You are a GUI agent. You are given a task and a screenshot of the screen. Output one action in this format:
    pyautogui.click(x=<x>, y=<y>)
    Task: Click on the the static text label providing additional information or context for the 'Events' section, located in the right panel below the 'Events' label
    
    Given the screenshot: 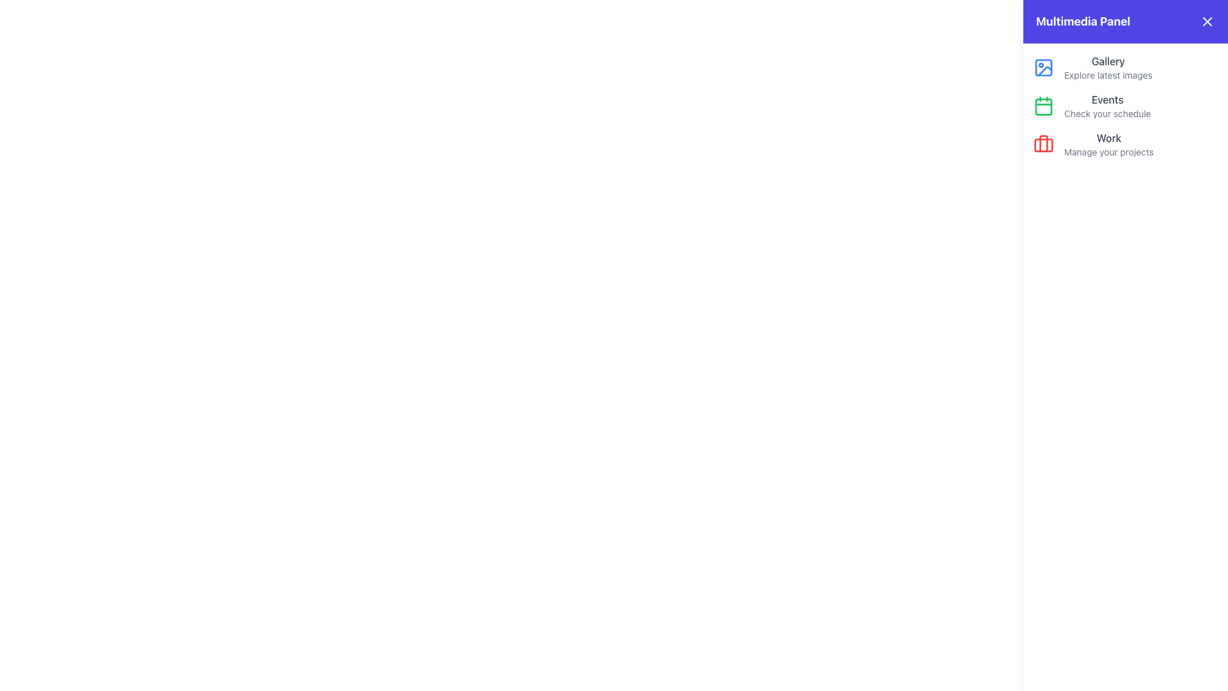 What is the action you would take?
    pyautogui.click(x=1106, y=113)
    